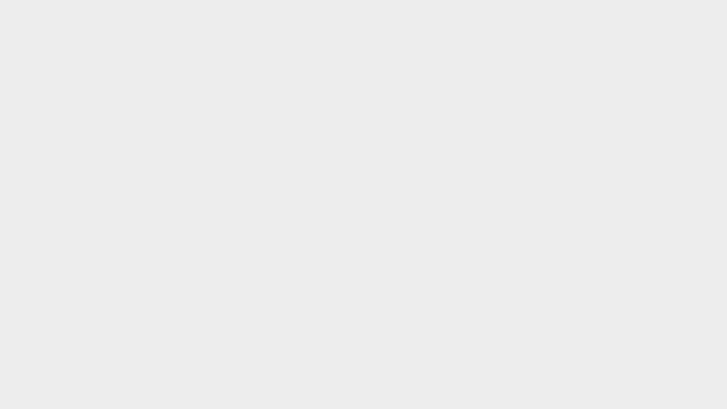 The image size is (727, 409). What do you see at coordinates (250, 46) in the screenshot?
I see `'Home'` at bounding box center [250, 46].